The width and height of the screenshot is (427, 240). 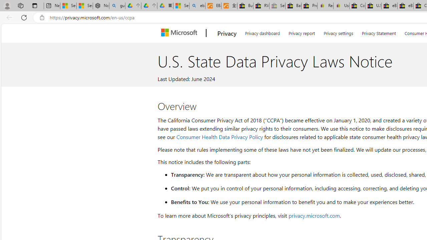 What do you see at coordinates (277, 6) in the screenshot?
I see `'Sell worldwide with eBay - Sleeping'` at bounding box center [277, 6].